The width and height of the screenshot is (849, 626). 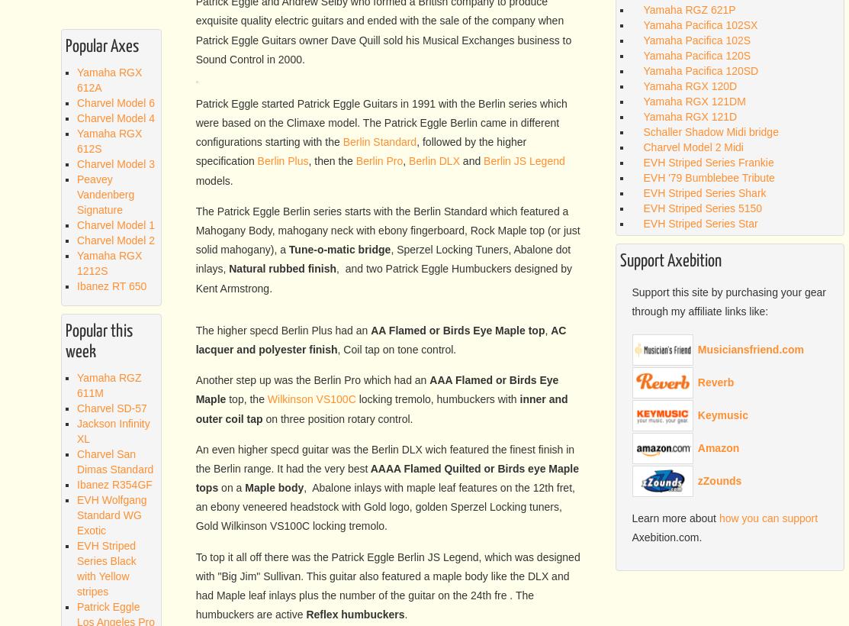 What do you see at coordinates (717, 447) in the screenshot?
I see `'Amazon'` at bounding box center [717, 447].